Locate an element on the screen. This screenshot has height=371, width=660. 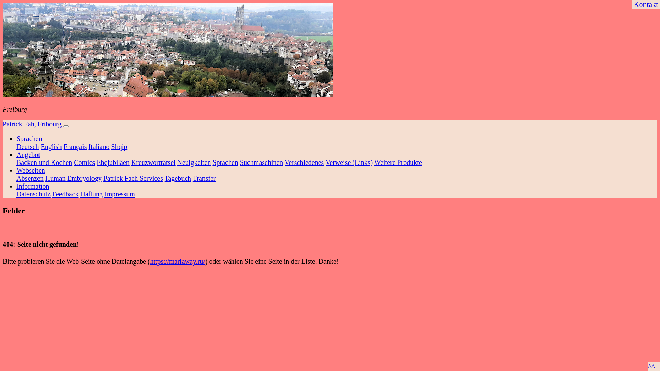
'Suchmaschinen' is located at coordinates (261, 162).